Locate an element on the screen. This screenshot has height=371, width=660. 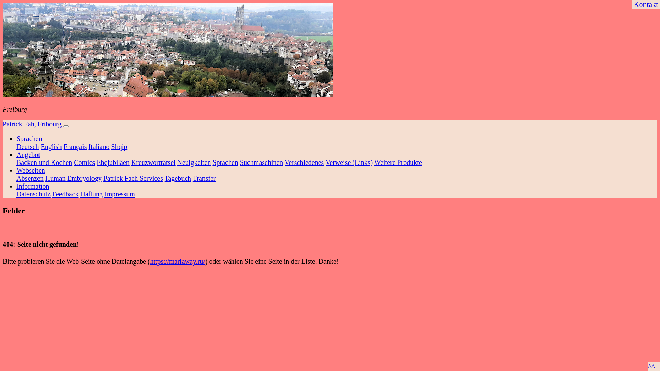
'Suchmaschinen' is located at coordinates (261, 162).